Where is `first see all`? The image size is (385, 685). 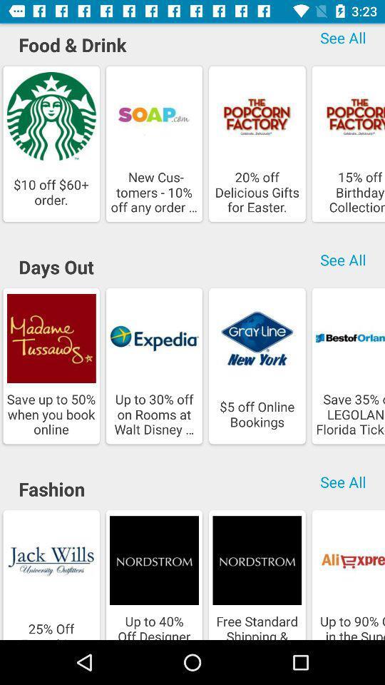
first see all is located at coordinates (342, 39).